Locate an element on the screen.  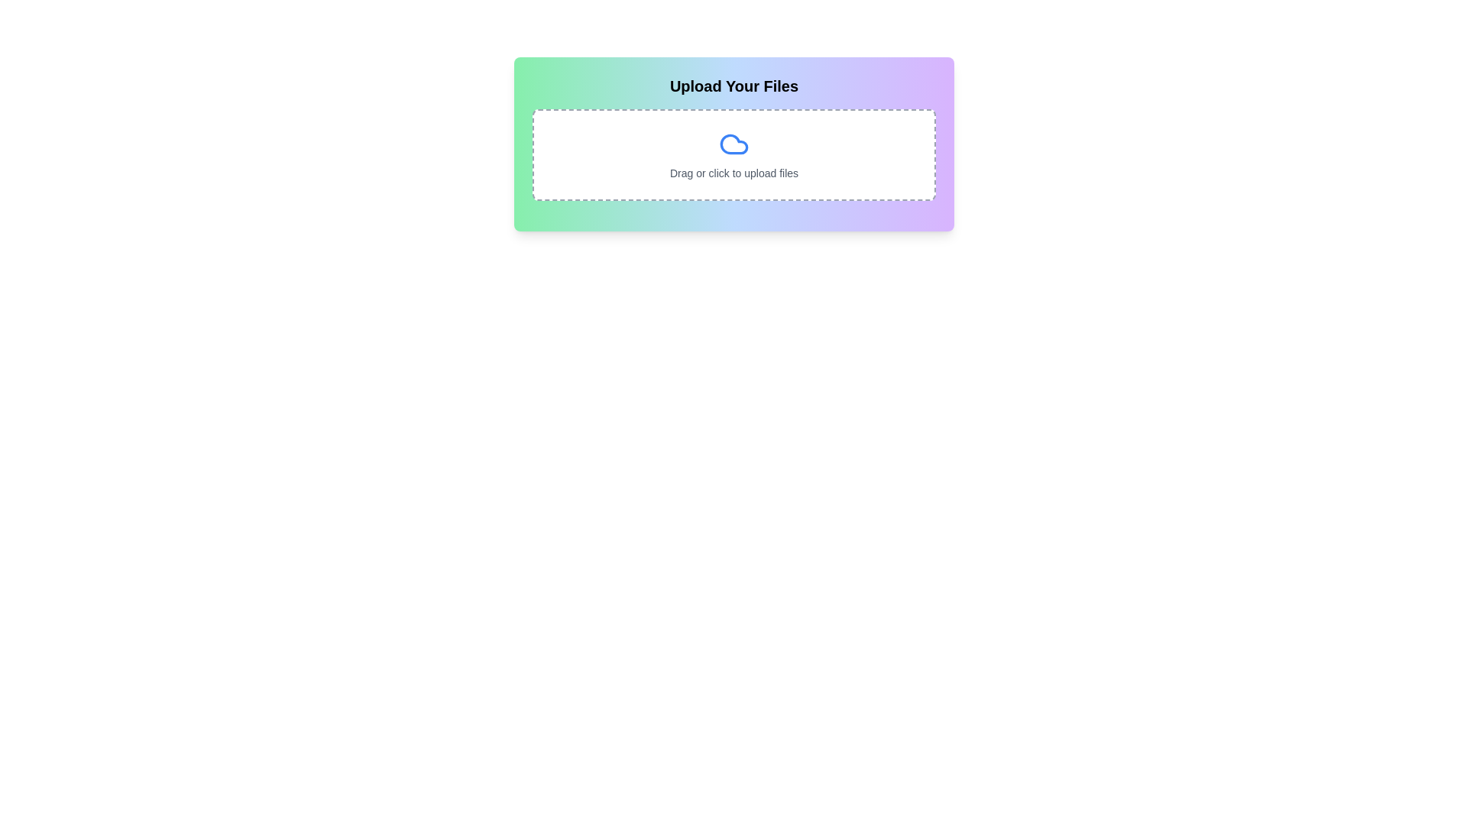
the cloud-shaped icon, which is styled in blue and located centrally within the 'Upload Your Files' section of the interface is located at coordinates (733, 144).